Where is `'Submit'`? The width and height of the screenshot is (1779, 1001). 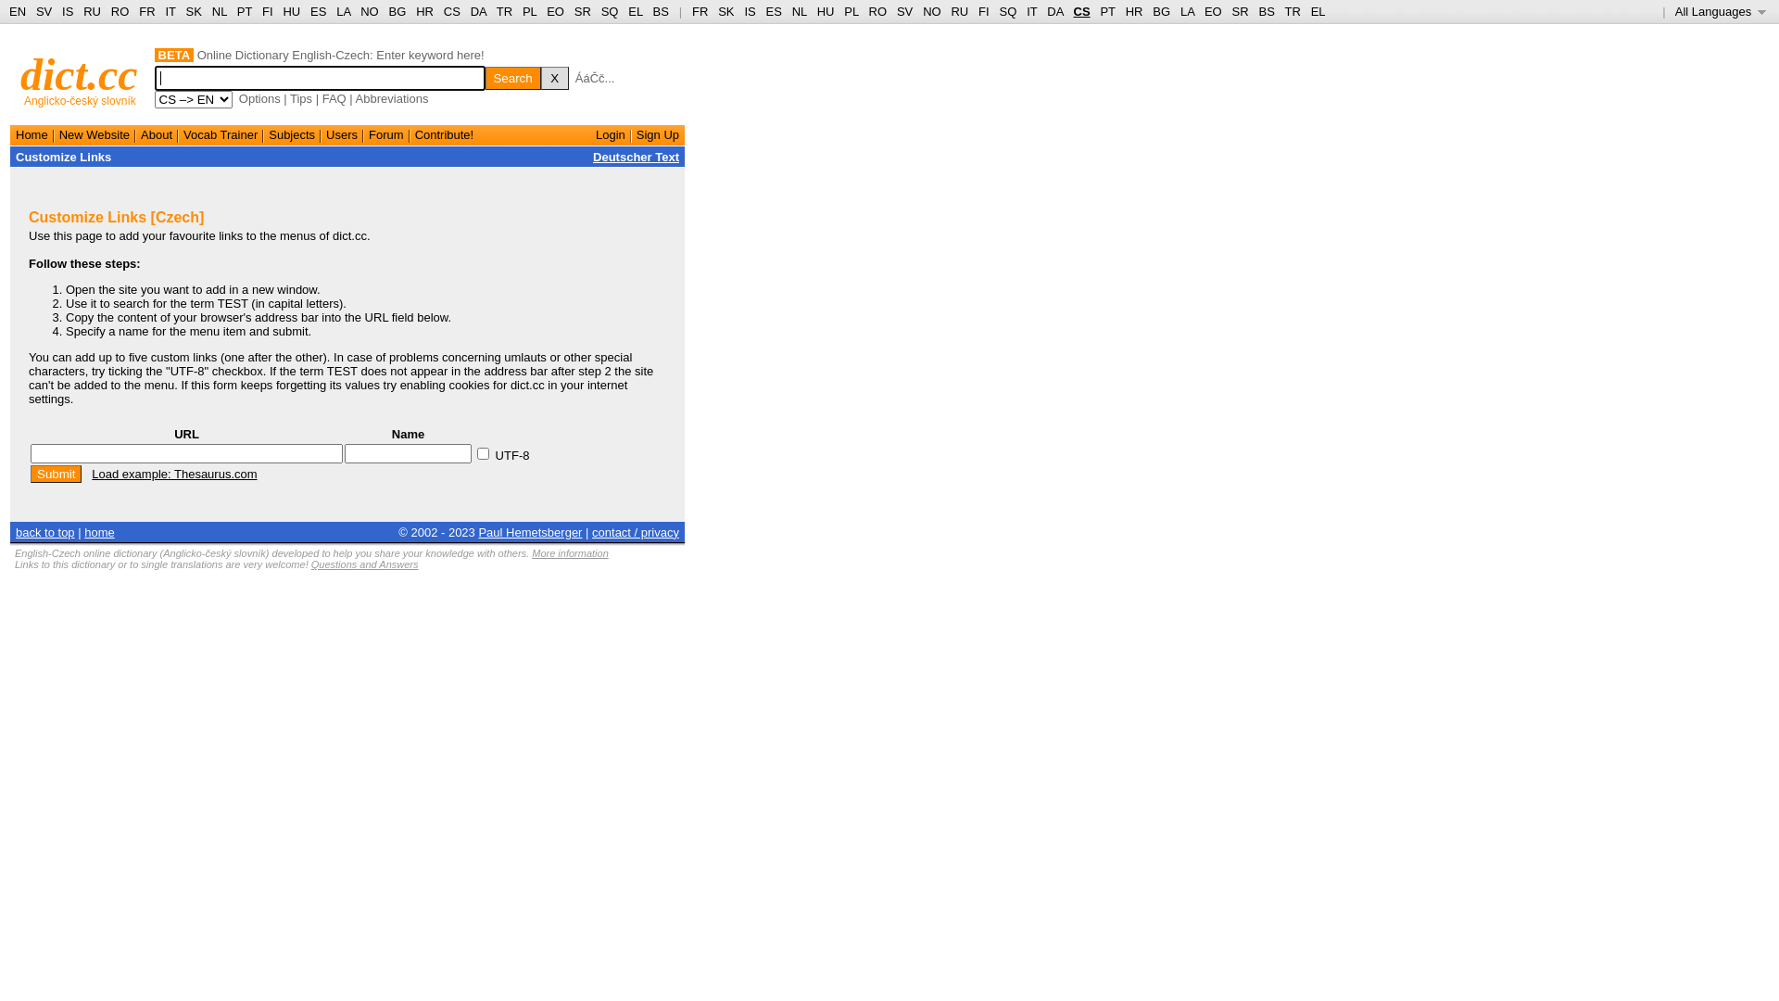
'Submit' is located at coordinates (31, 473).